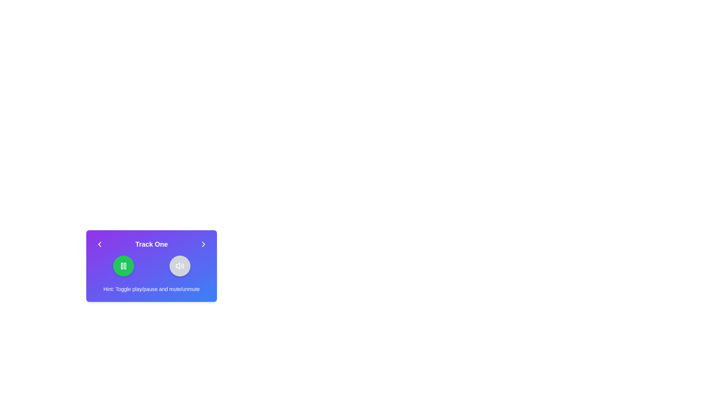 The width and height of the screenshot is (717, 403). I want to click on the surrounding button for pause/play functionality, specifically targeting the pause icon represented by the right vertical bar of the button located to the left of the 'Track One' heading, so click(125, 266).